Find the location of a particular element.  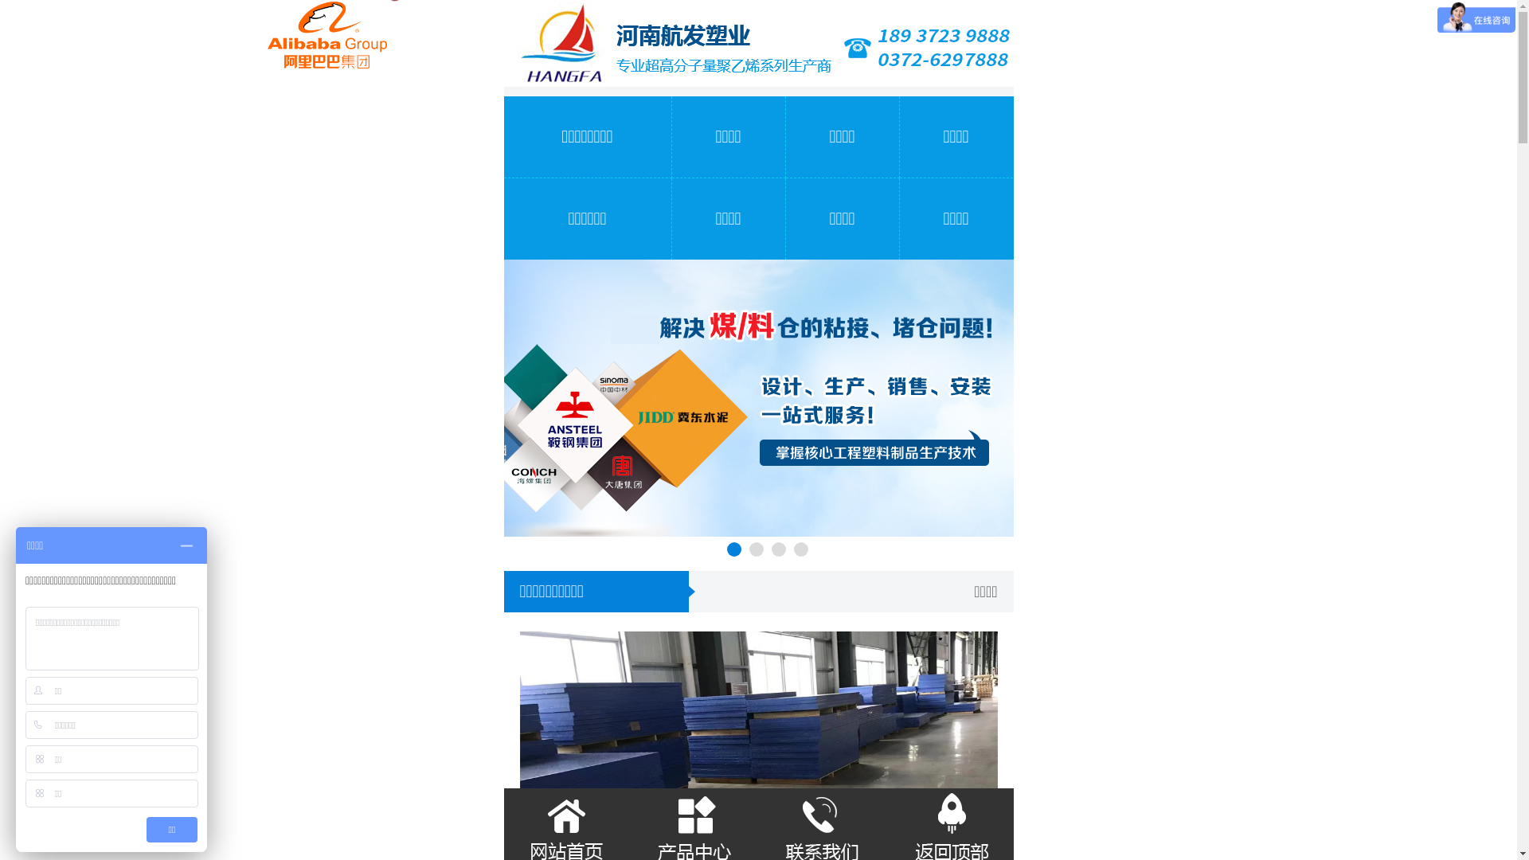

'2' is located at coordinates (755, 549).